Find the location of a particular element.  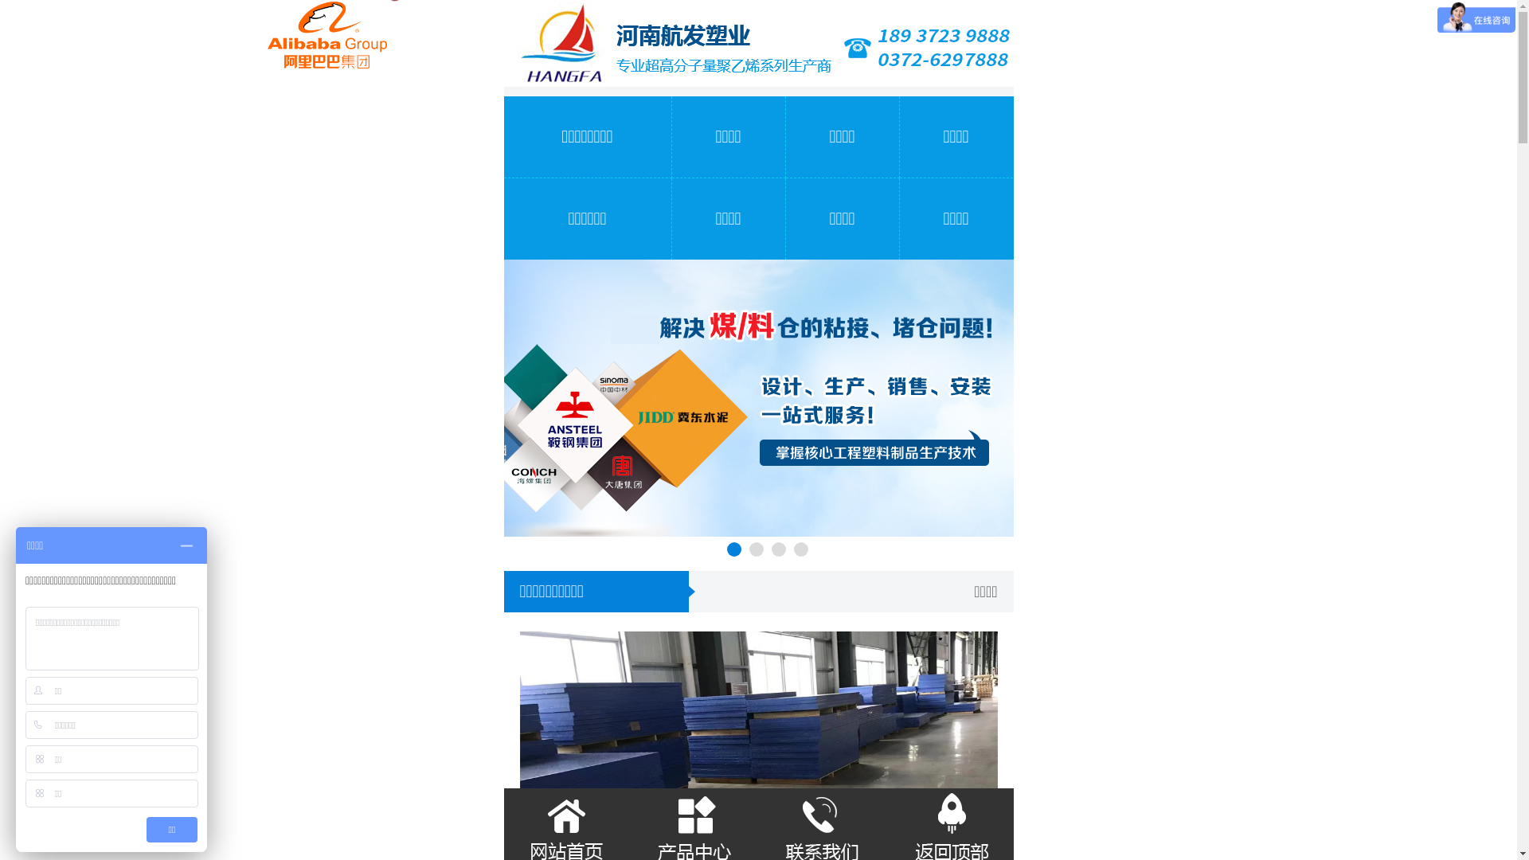

'2' is located at coordinates (755, 549).